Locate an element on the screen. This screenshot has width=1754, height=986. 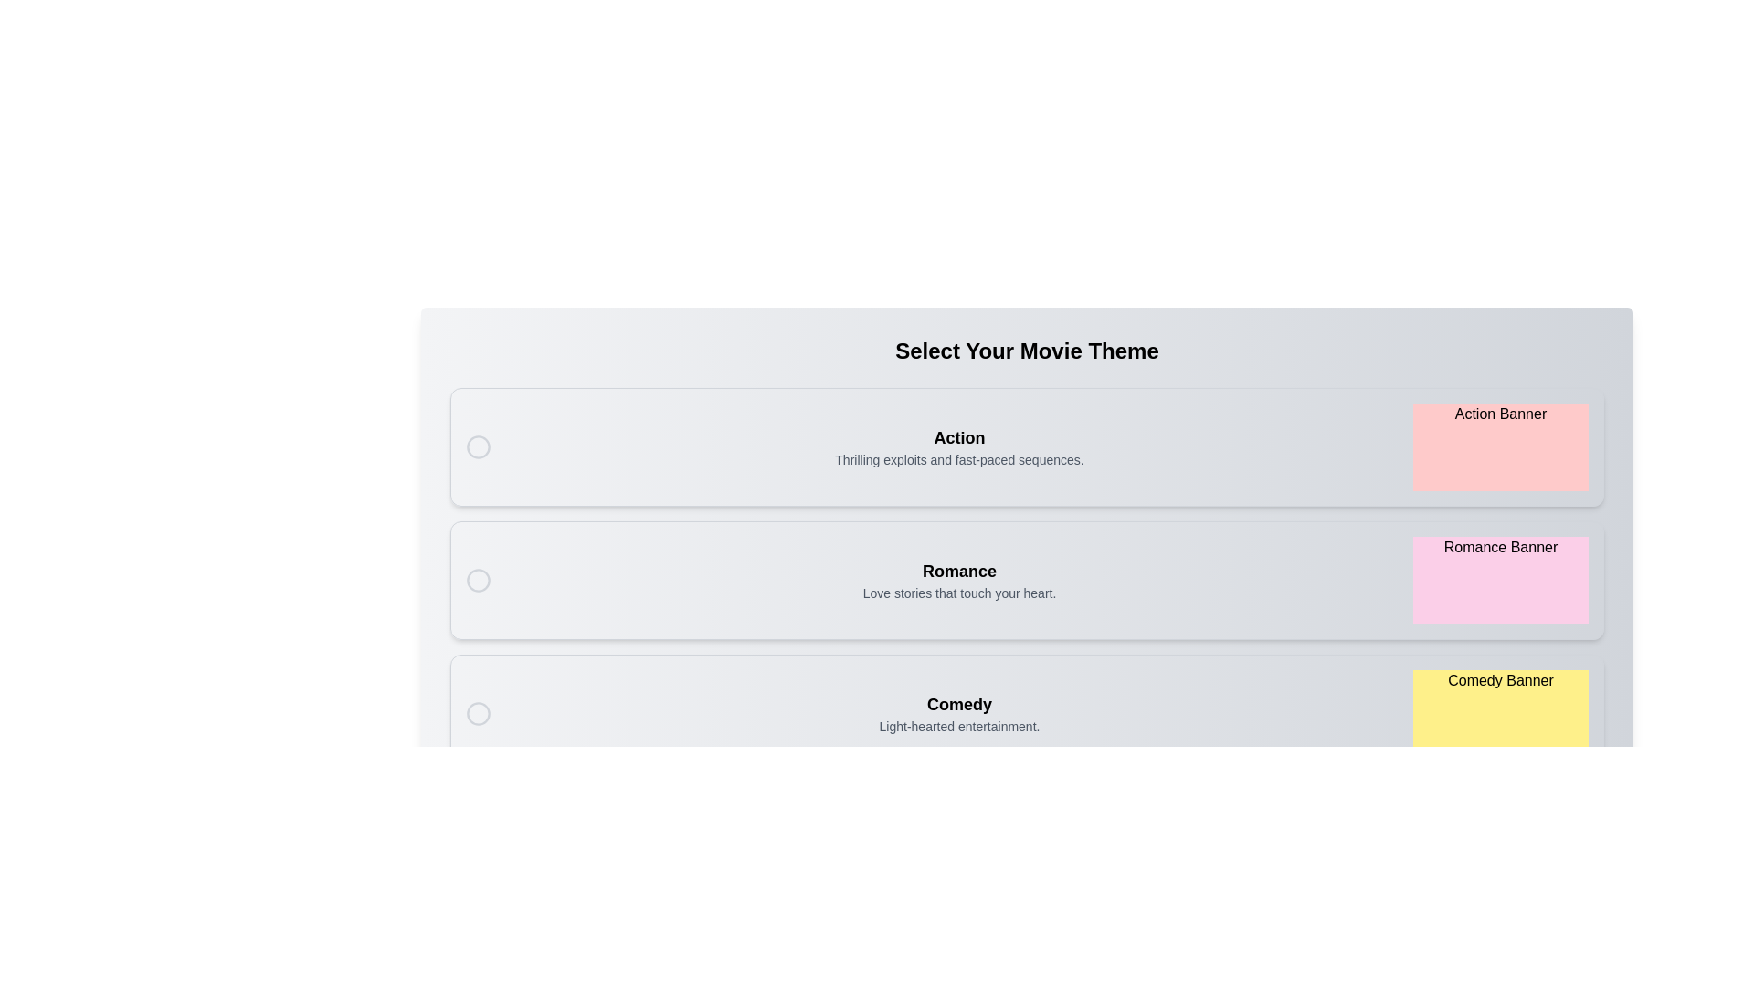
the decorative banner within the 'Romance' category card, which has a pink background and is located at the far right of the card is located at coordinates (1500, 581).